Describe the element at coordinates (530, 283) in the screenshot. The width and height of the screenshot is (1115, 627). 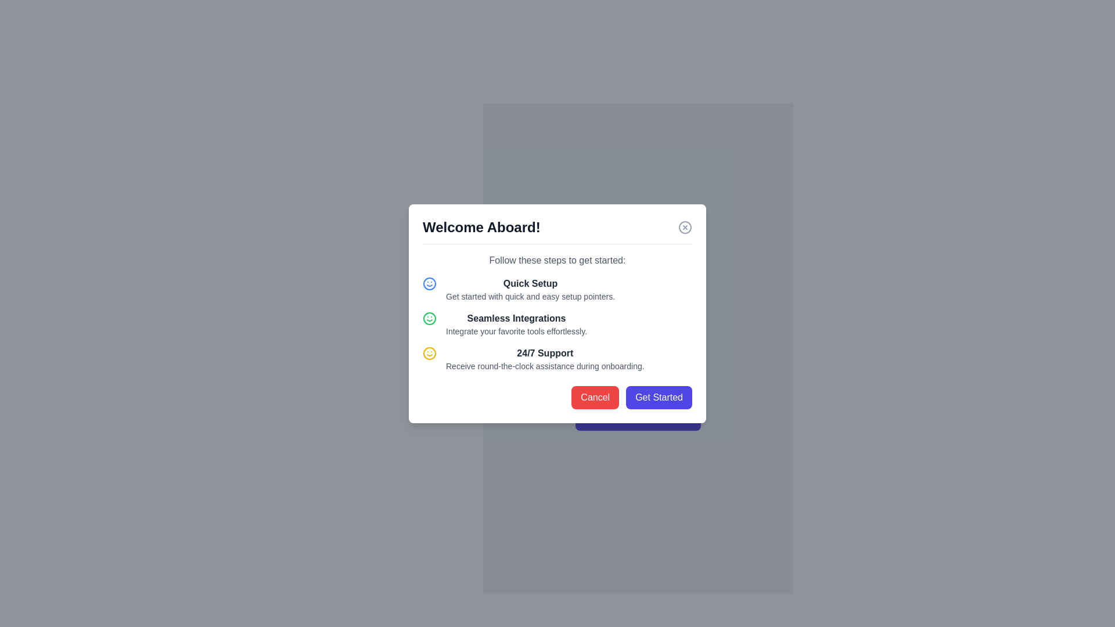
I see `the static text label displaying 'Quick Setup', which is bold and dark gray, positioned centrally beneath the heading 'Follow these steps to get started:' and above the text 'Get started with quick and easy setup pointers.'` at that location.